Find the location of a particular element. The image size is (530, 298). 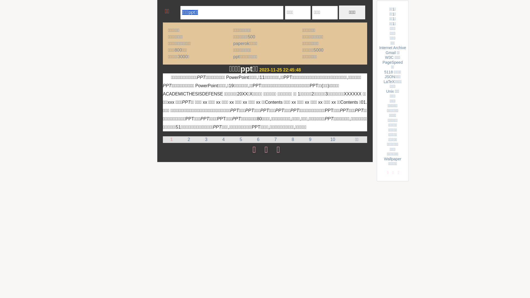

'7' is located at coordinates (274, 139).